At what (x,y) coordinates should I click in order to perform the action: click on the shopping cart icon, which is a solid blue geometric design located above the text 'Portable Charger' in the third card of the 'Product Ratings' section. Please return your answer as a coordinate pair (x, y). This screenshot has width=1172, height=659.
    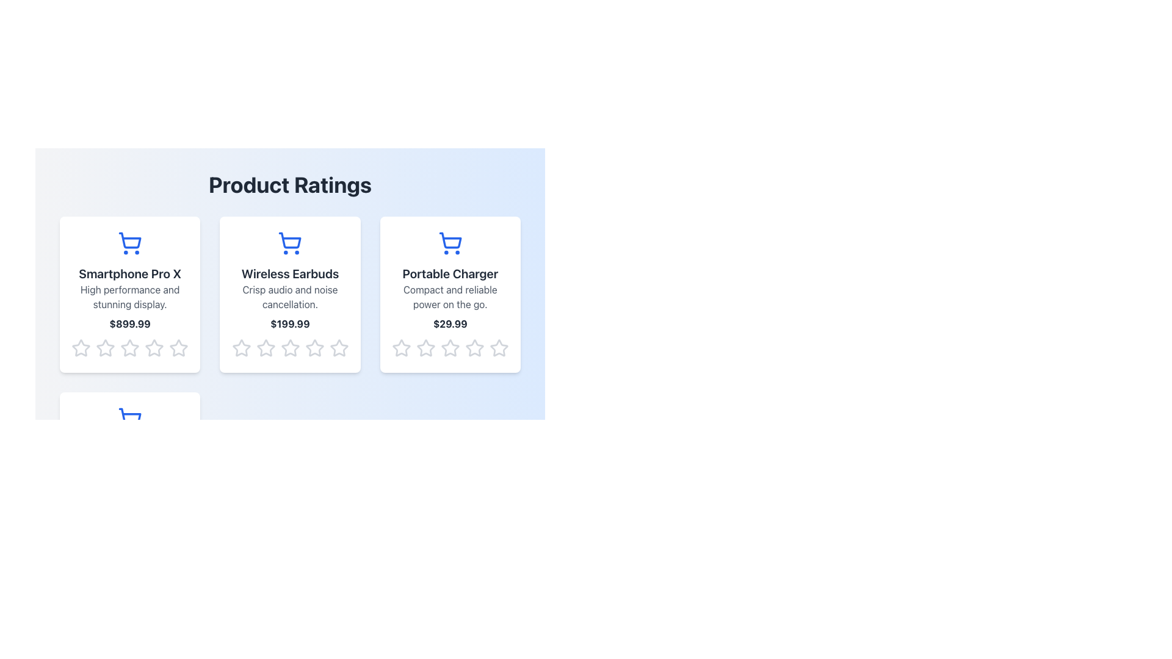
    Looking at the image, I should click on (449, 243).